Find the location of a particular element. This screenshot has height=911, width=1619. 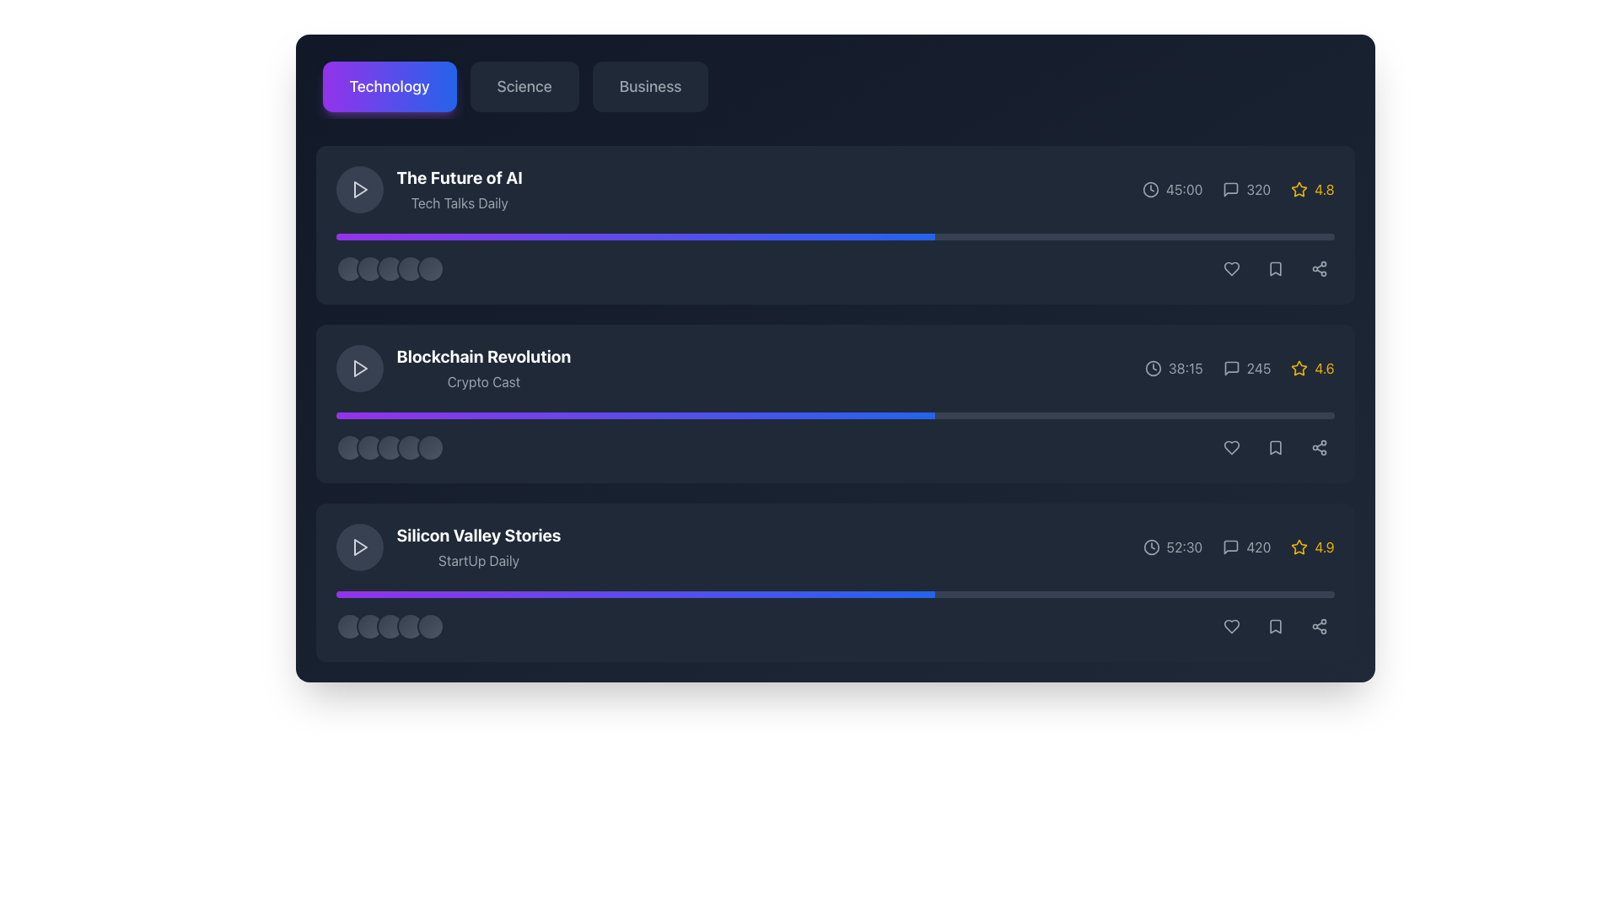

the 'Technology' button, which is a horizontally rectangular button with a gradient background from purple to blue and white bold text is located at coordinates (388, 87).